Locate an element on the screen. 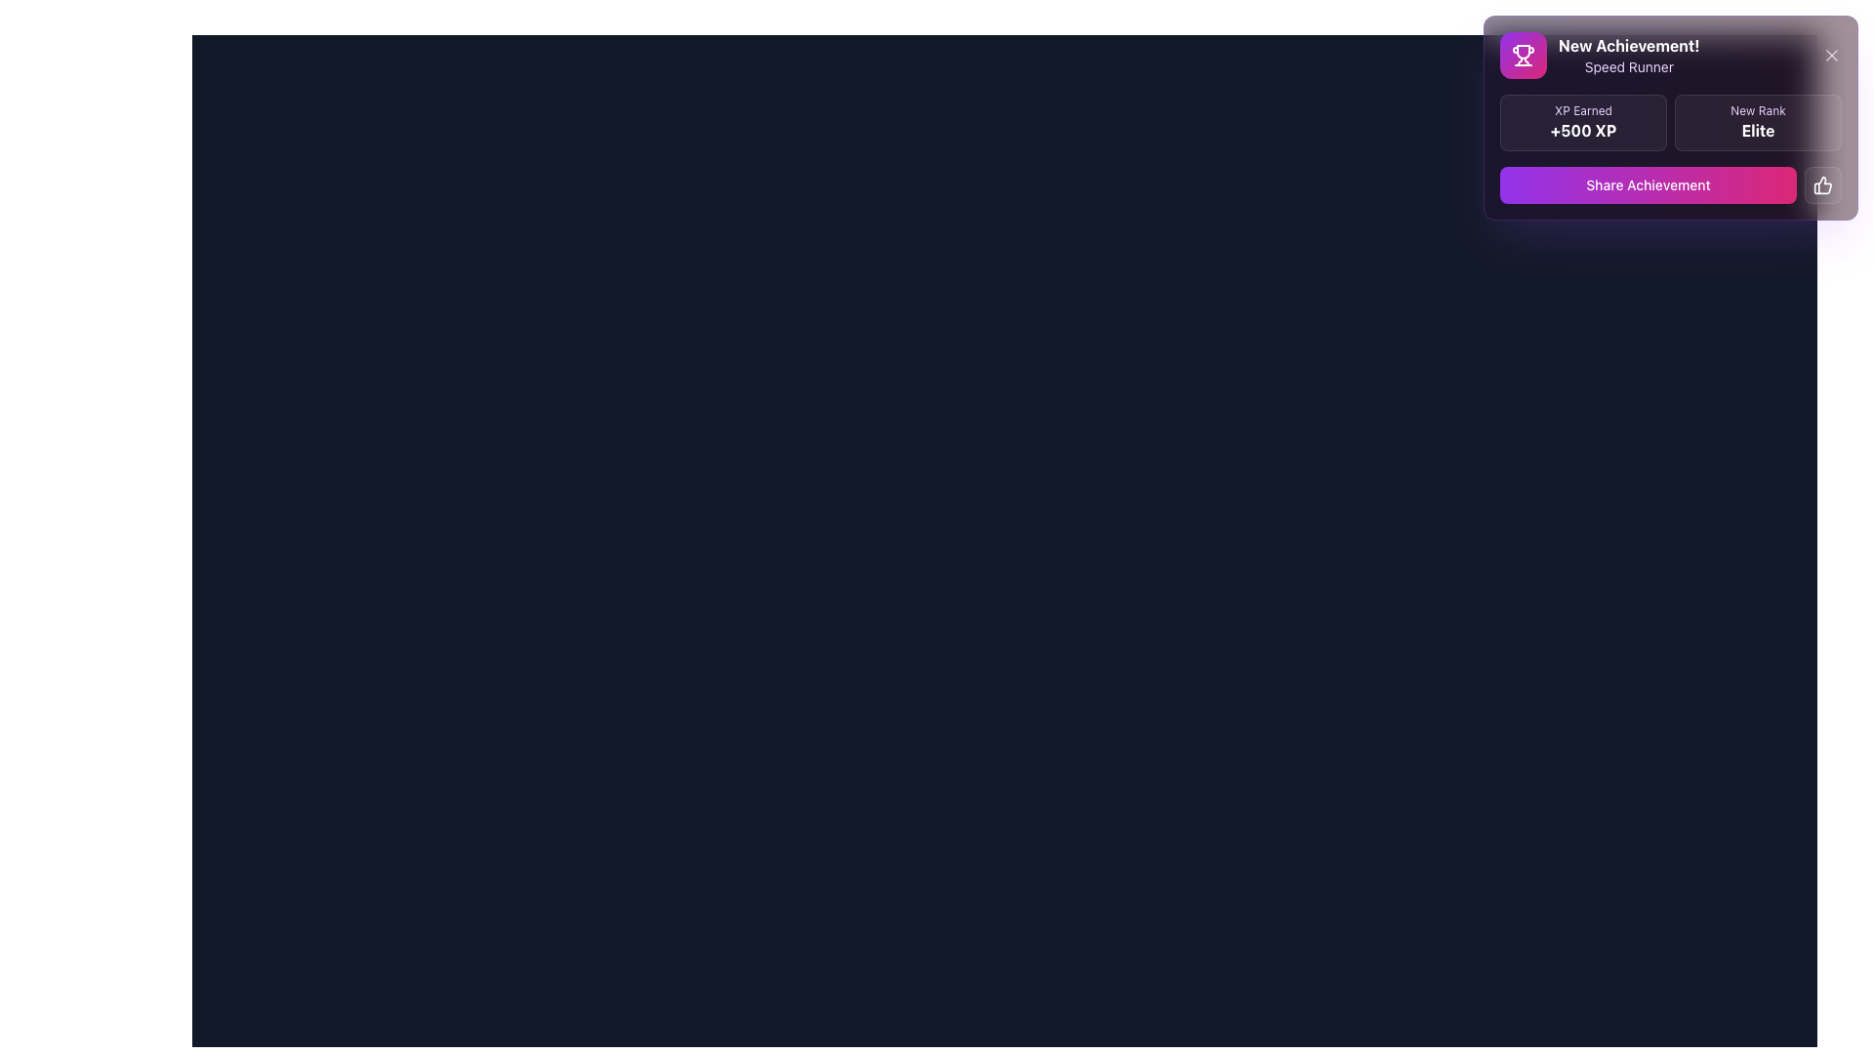  the details contained in the Notification Dialog located at the top-right corner of the interface is located at coordinates (1670, 117).